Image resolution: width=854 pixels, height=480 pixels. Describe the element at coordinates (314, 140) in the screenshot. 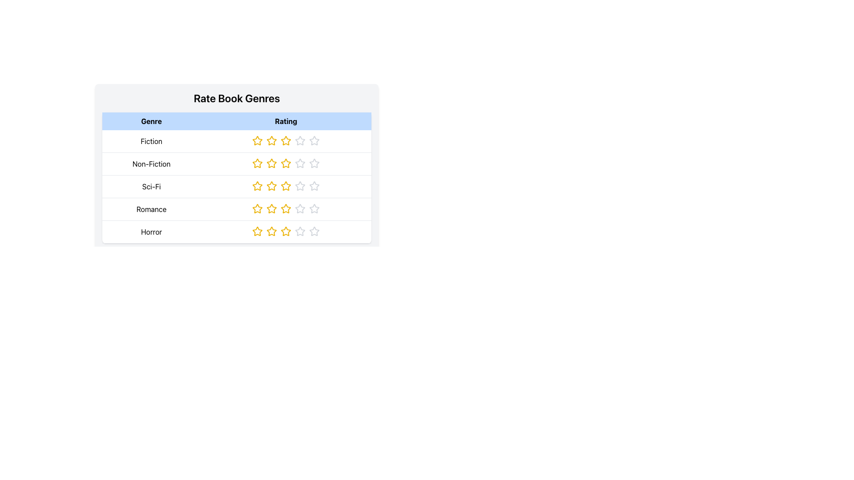

I see `the fifth star icon in the rating row for the category 'Fiction'` at that location.